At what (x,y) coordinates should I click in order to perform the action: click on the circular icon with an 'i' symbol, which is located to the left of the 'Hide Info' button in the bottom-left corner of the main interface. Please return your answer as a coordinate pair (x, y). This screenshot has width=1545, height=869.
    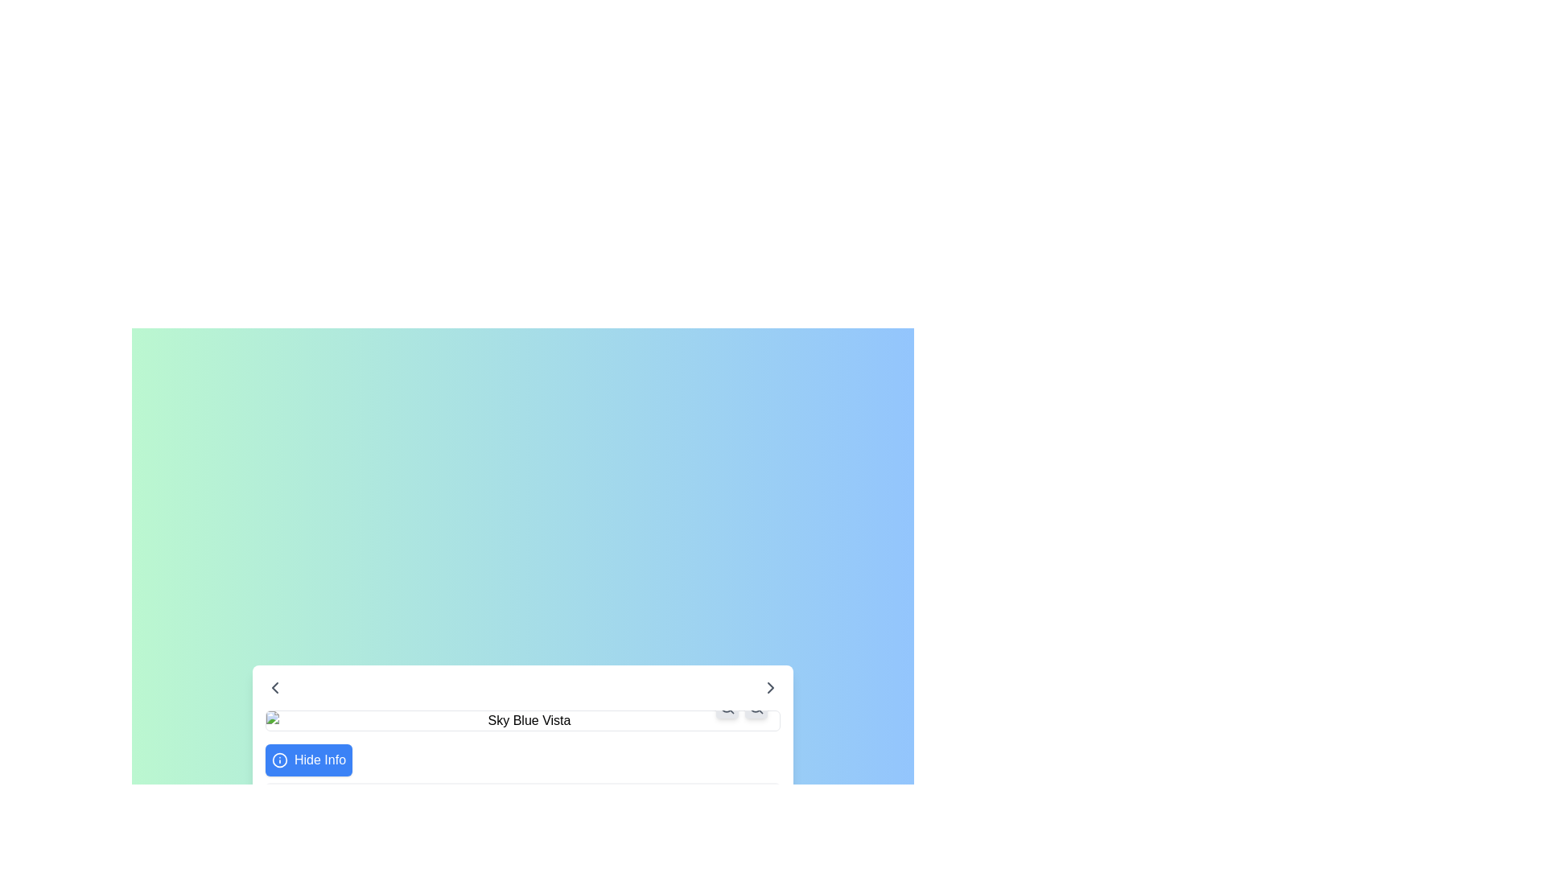
    Looking at the image, I should click on (279, 760).